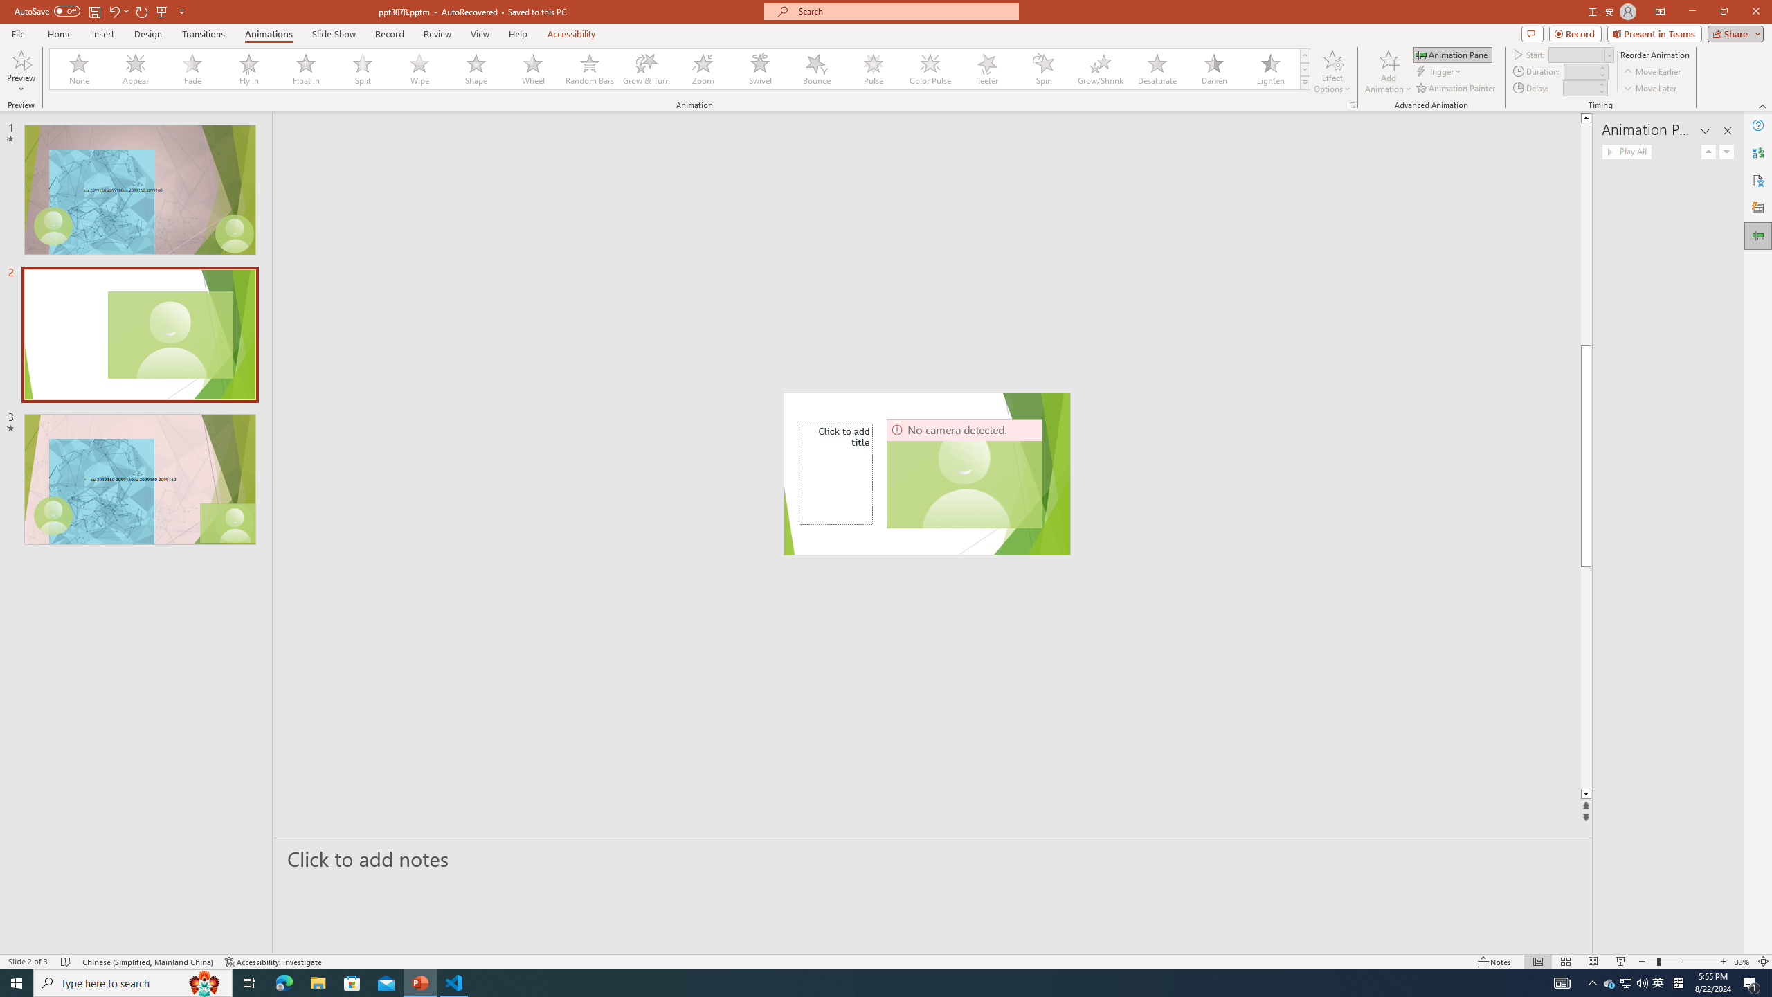 The image size is (1772, 997). Describe the element at coordinates (1043, 69) in the screenshot. I see `'Spin'` at that location.